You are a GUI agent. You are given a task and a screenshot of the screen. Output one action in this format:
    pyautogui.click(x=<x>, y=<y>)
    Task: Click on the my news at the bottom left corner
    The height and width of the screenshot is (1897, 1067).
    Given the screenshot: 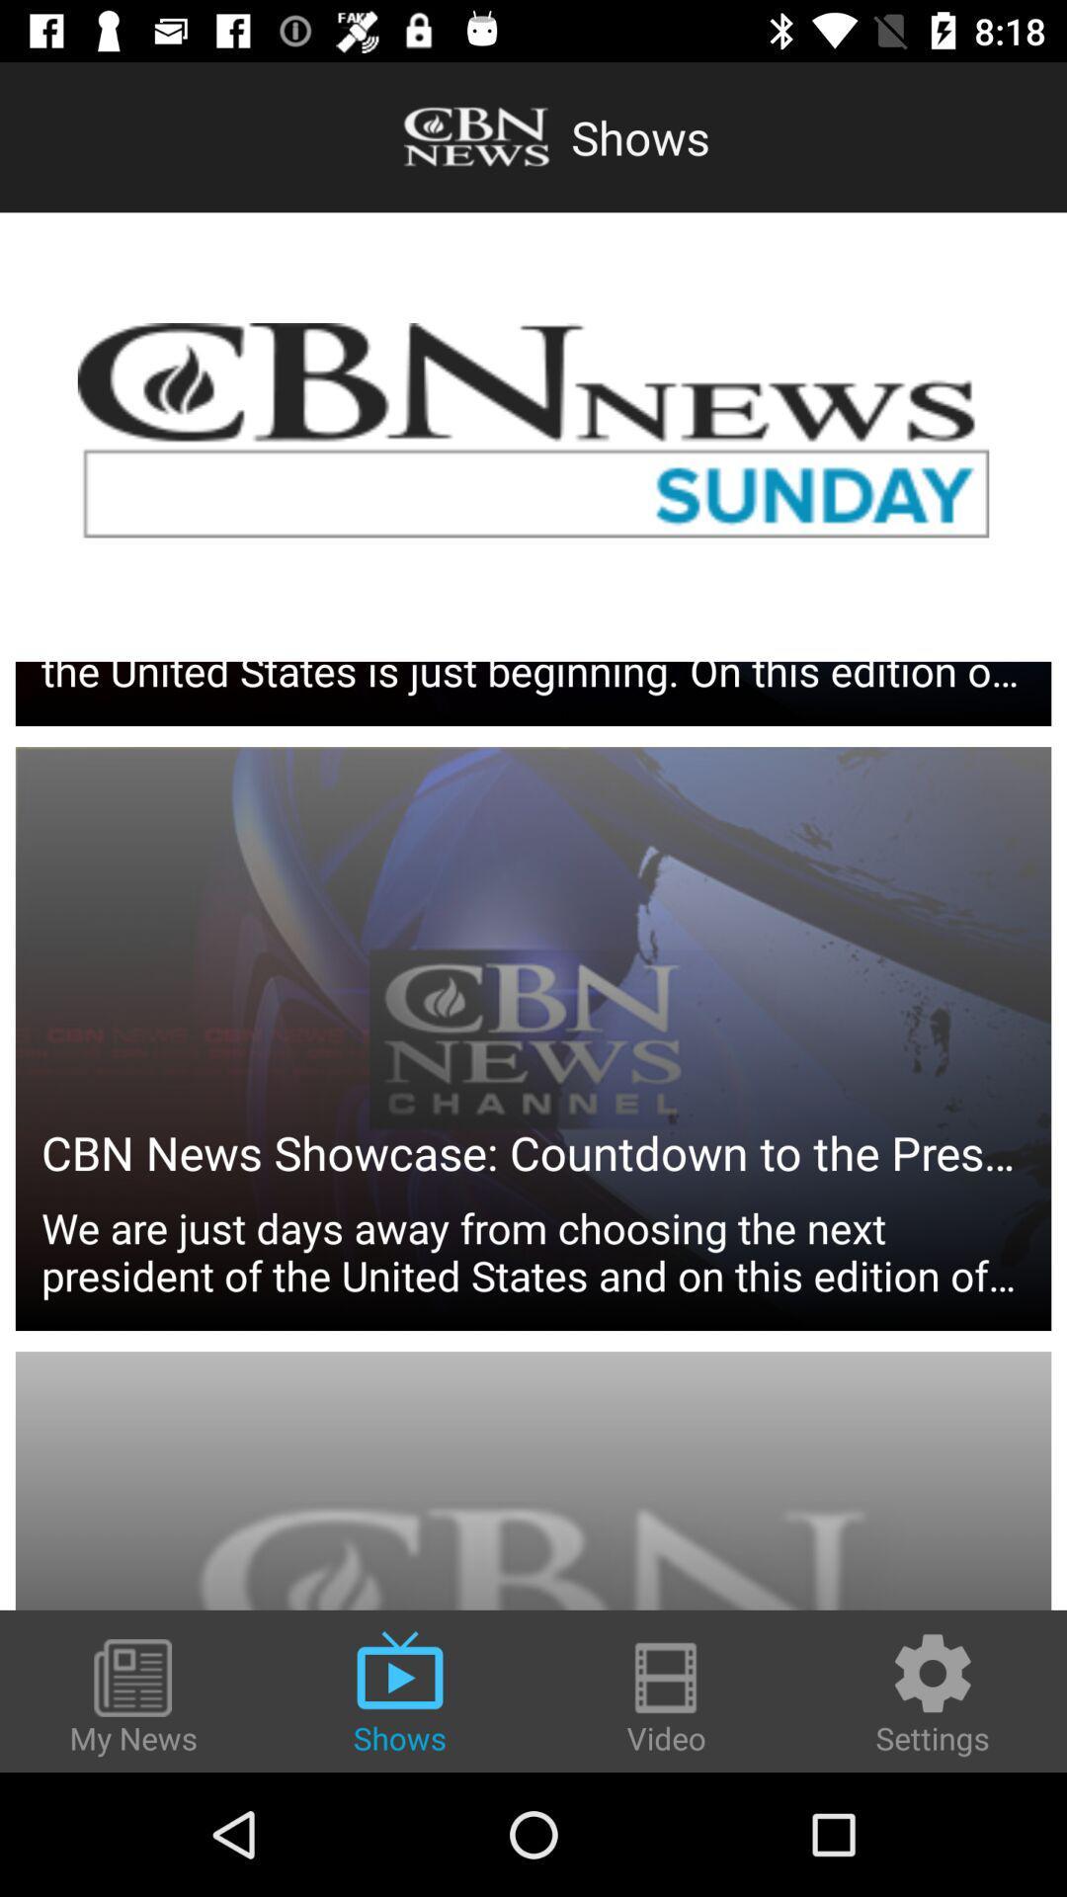 What is the action you would take?
    pyautogui.click(x=133, y=1697)
    